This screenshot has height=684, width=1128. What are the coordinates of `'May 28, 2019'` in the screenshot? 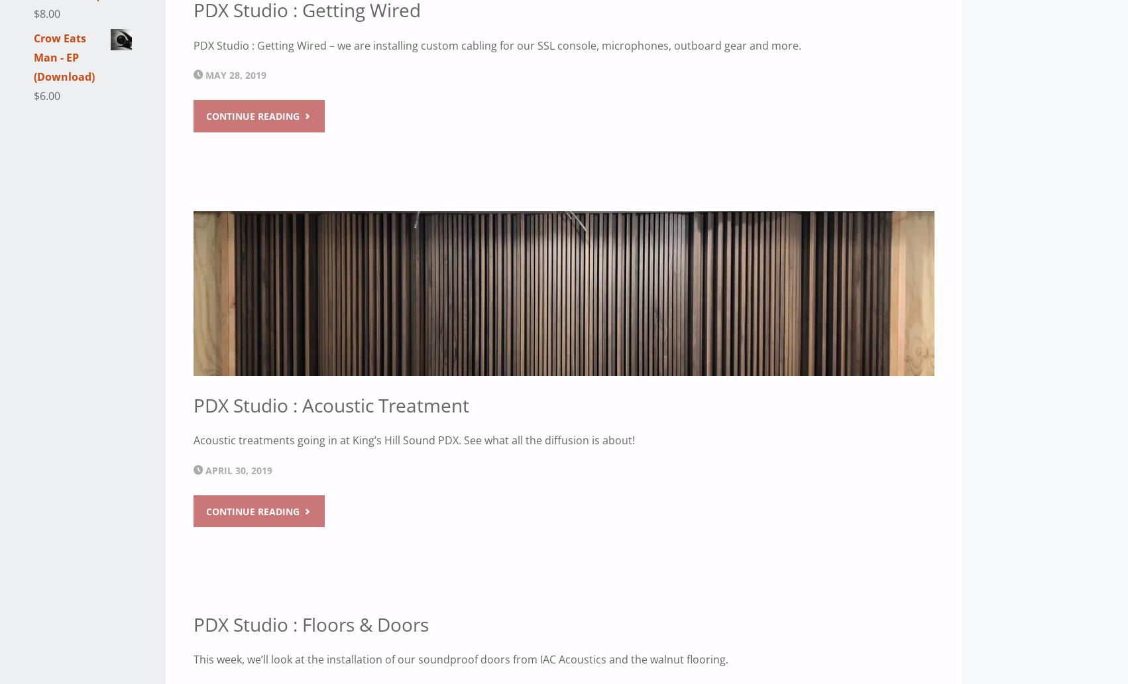 It's located at (236, 75).